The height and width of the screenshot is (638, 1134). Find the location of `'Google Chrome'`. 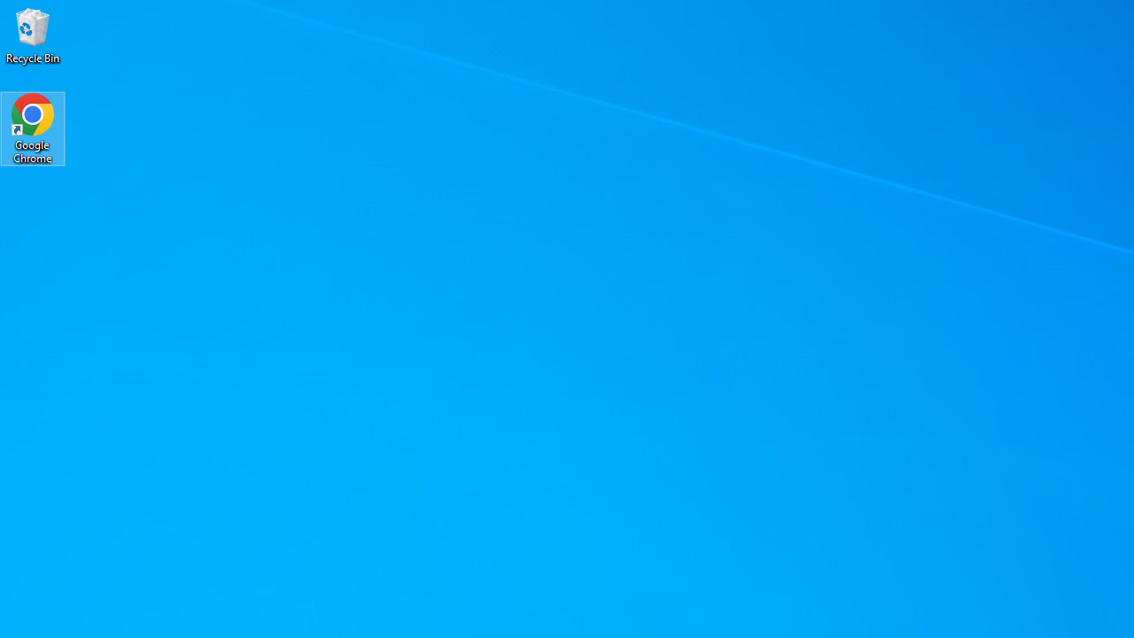

'Google Chrome' is located at coordinates (33, 128).